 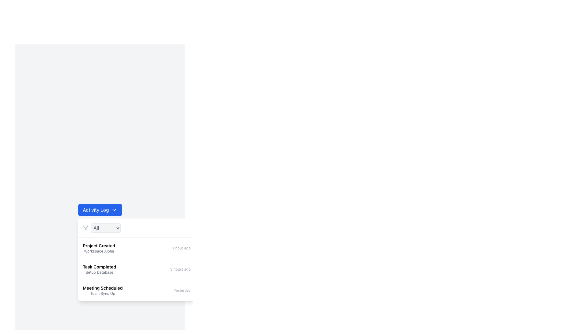 I want to click on the List Item titled 'Meeting Scheduled' in the Activity Log, which provides details about a Team Sync Up event that occurred Yesterday, so click(x=136, y=290).